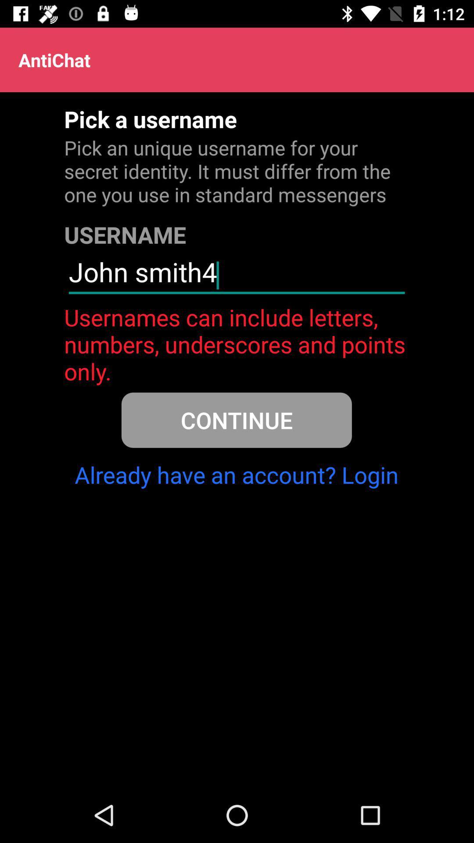 Image resolution: width=474 pixels, height=843 pixels. What do you see at coordinates (236, 474) in the screenshot?
I see `the icon below the continue item` at bounding box center [236, 474].